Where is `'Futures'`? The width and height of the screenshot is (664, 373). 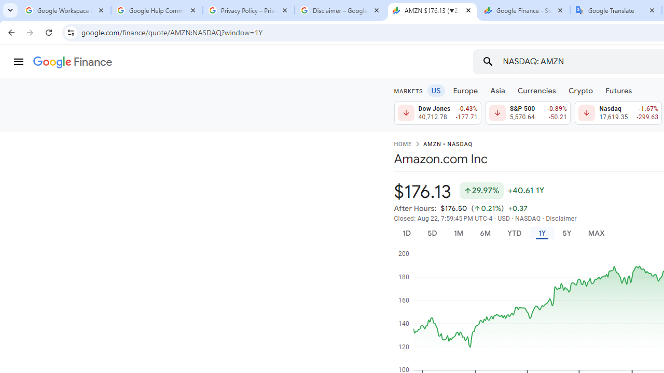
'Futures' is located at coordinates (618, 90).